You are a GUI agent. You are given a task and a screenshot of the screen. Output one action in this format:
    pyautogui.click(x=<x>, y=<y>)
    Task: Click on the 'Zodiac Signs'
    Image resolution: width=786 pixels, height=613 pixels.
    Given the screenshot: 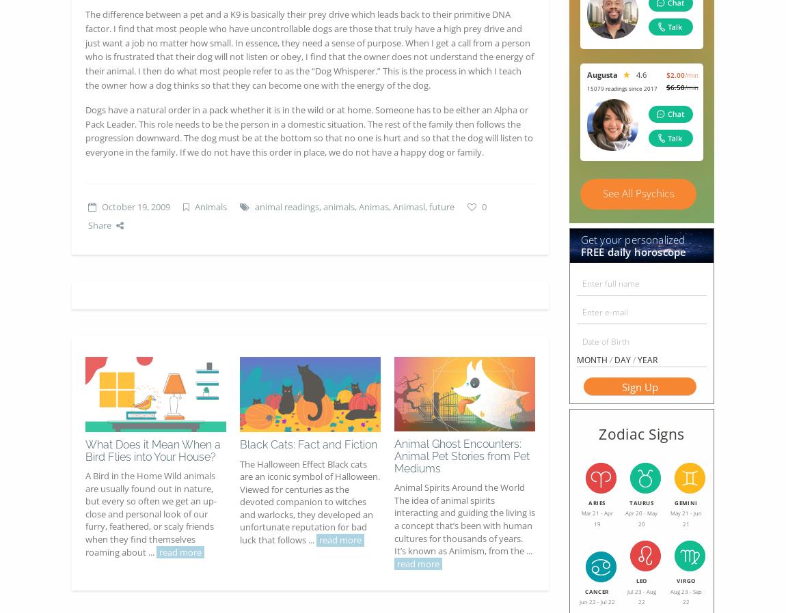 What is the action you would take?
    pyautogui.click(x=641, y=433)
    